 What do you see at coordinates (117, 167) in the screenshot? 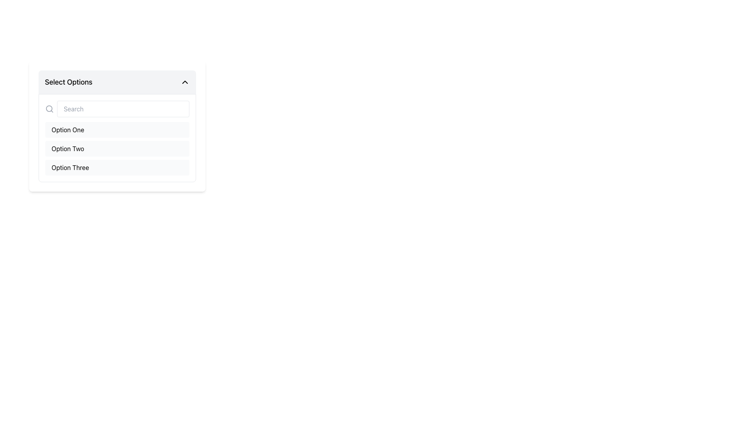
I see `the list item labeled 'Option Three'` at bounding box center [117, 167].